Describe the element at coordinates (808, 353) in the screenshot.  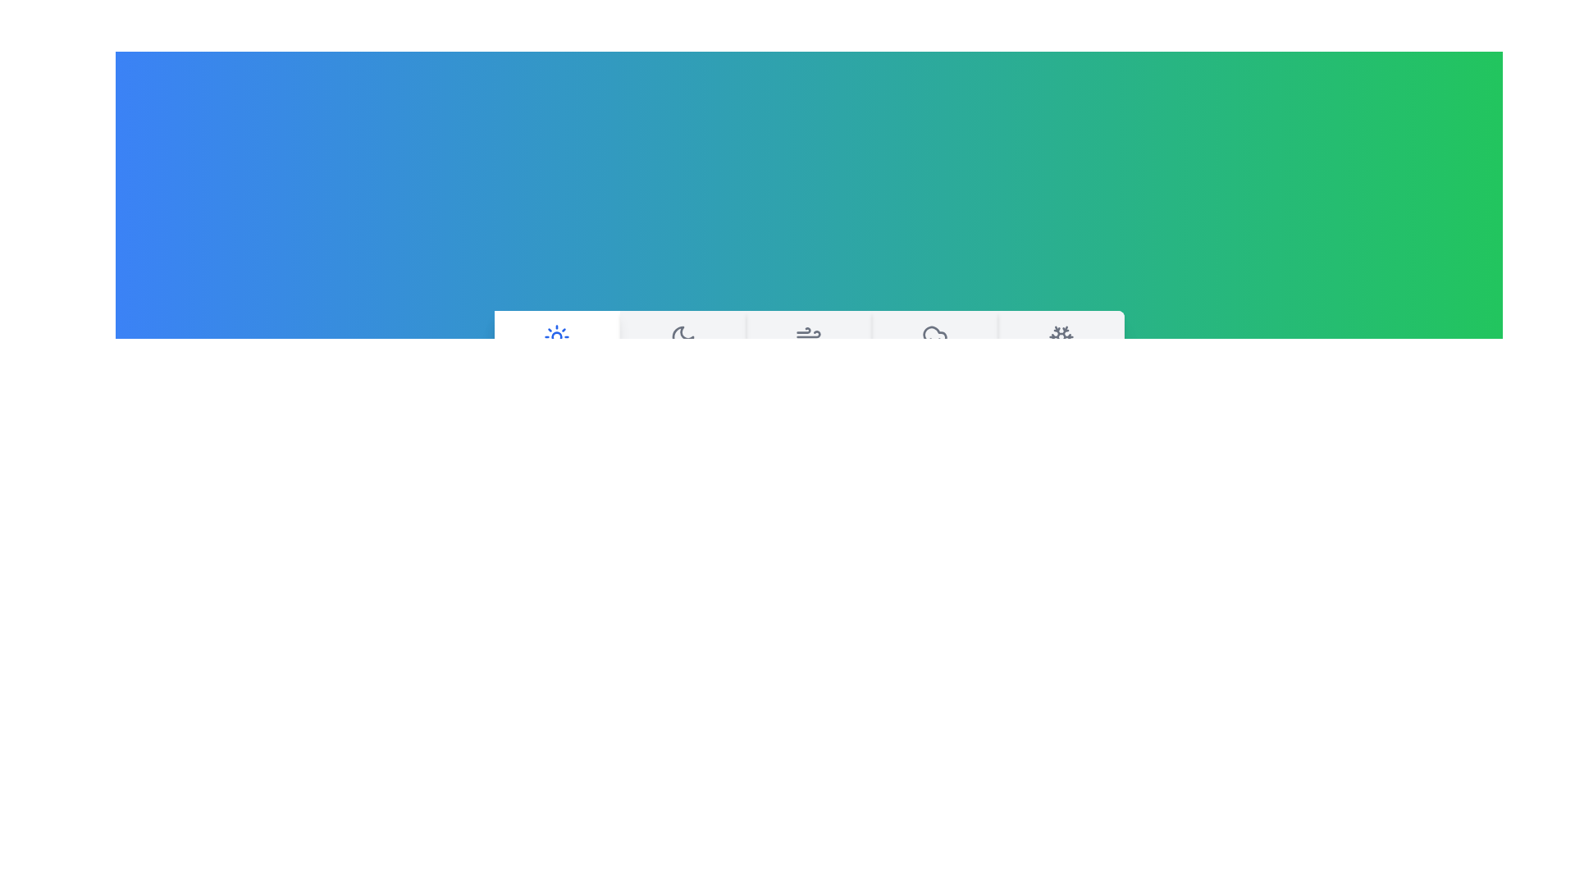
I see `the Windy tab to view its details` at that location.